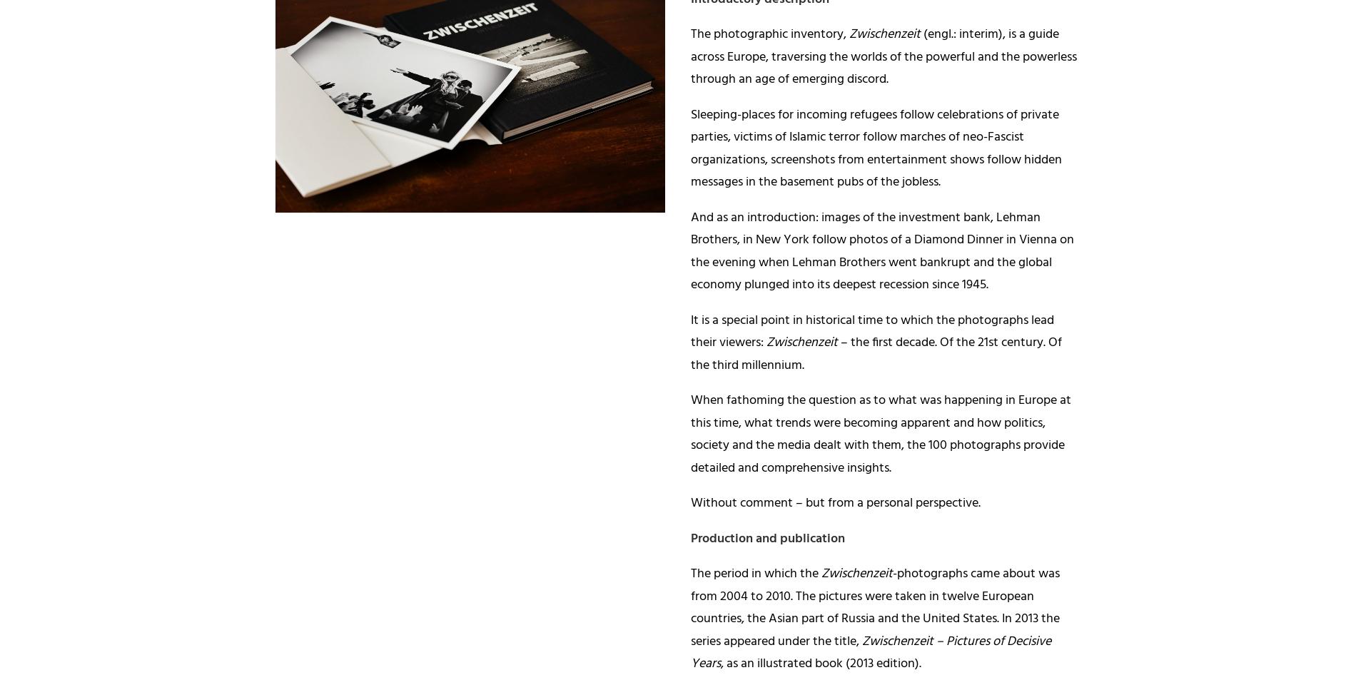  Describe the element at coordinates (874, 607) in the screenshot. I see `'-photographs came about was from 2004 to 2010. The pictures were taken in twelve European countries, the Asian part of Russia and the United States. In 2013 the series appeared under the title,'` at that location.